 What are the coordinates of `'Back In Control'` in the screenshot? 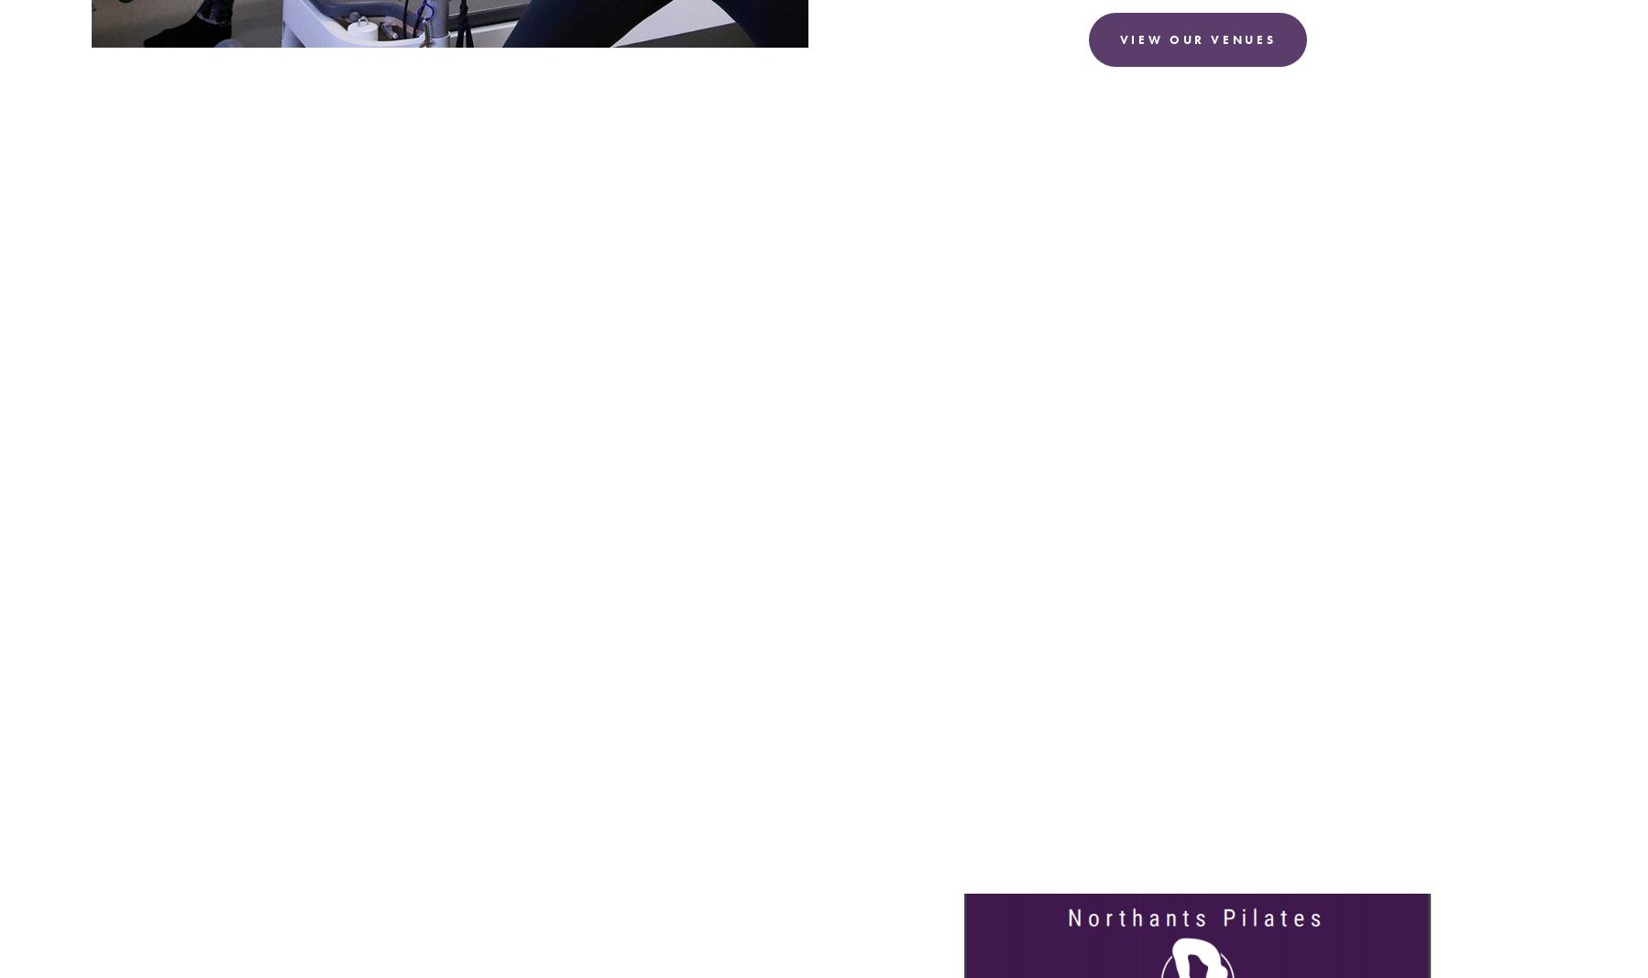 It's located at (545, 932).